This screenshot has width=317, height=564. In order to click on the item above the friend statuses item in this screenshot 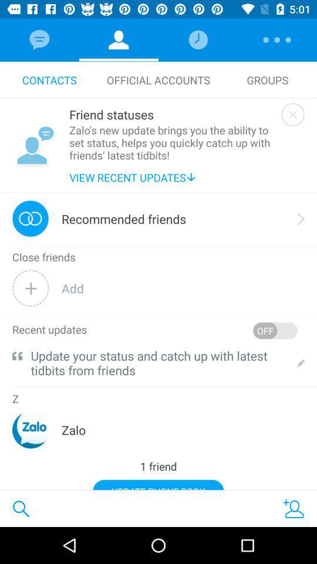, I will do `click(158, 79)`.